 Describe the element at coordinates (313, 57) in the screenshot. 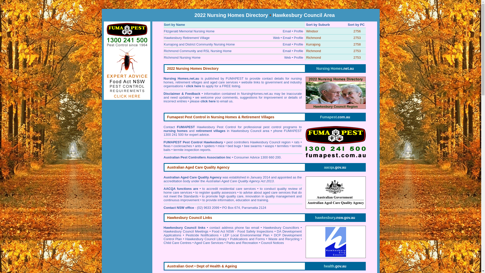

I see `'Richmond'` at that location.